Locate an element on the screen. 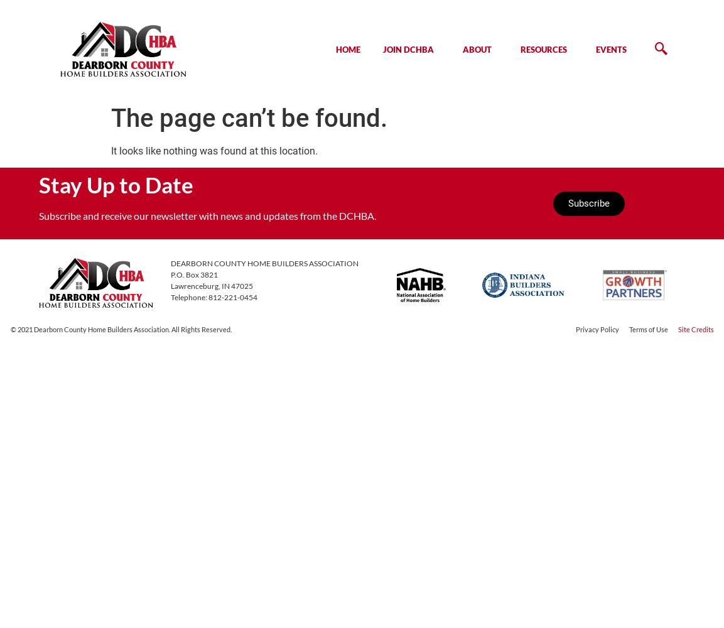 The image size is (724, 628). 'P.O. Box 3821' is located at coordinates (193, 274).